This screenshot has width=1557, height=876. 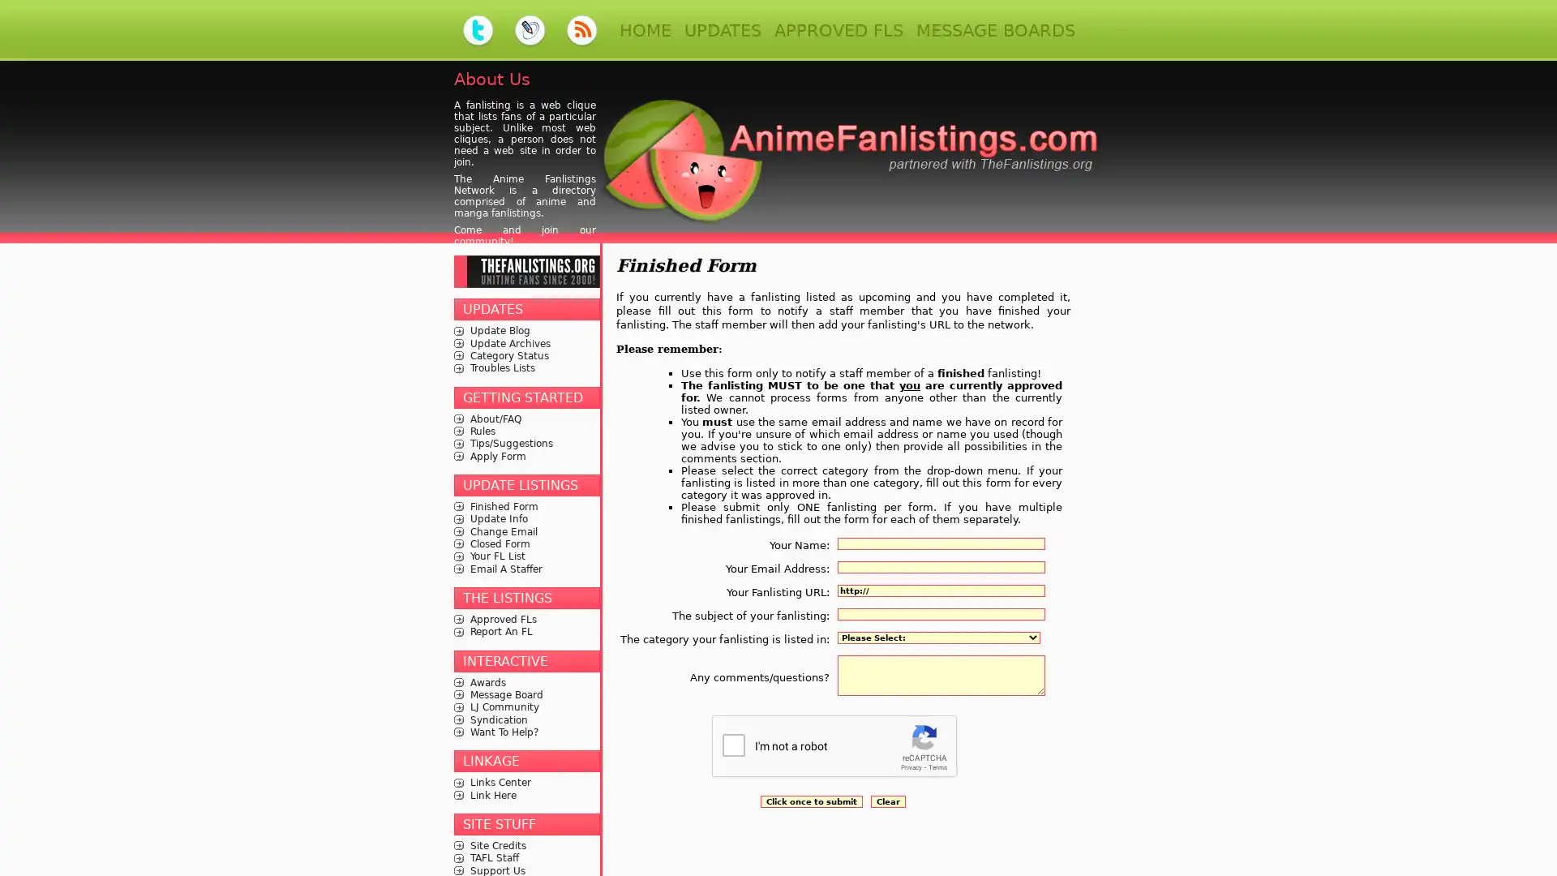 What do you see at coordinates (886, 801) in the screenshot?
I see `Clear` at bounding box center [886, 801].